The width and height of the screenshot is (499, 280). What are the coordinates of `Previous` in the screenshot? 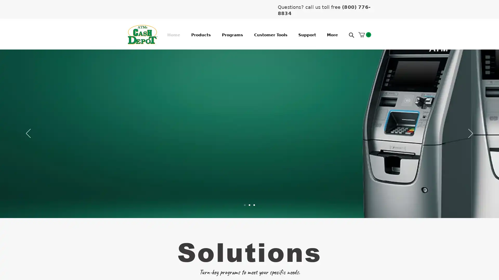 It's located at (28, 133).